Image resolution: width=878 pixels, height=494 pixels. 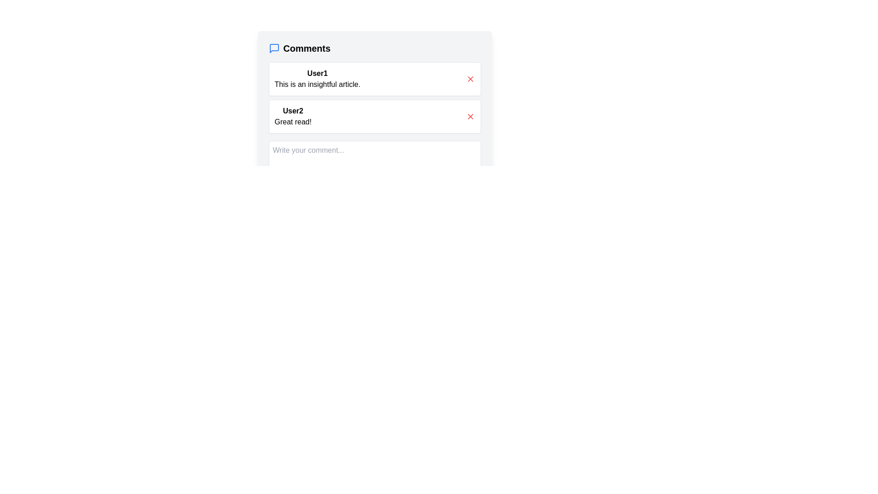 What do you see at coordinates (470, 116) in the screenshot?
I see `the 'X' icon located in the top-right corner of the second comment block, which is associated with removing or dismissing the comment 'User2: Great read!'` at bounding box center [470, 116].